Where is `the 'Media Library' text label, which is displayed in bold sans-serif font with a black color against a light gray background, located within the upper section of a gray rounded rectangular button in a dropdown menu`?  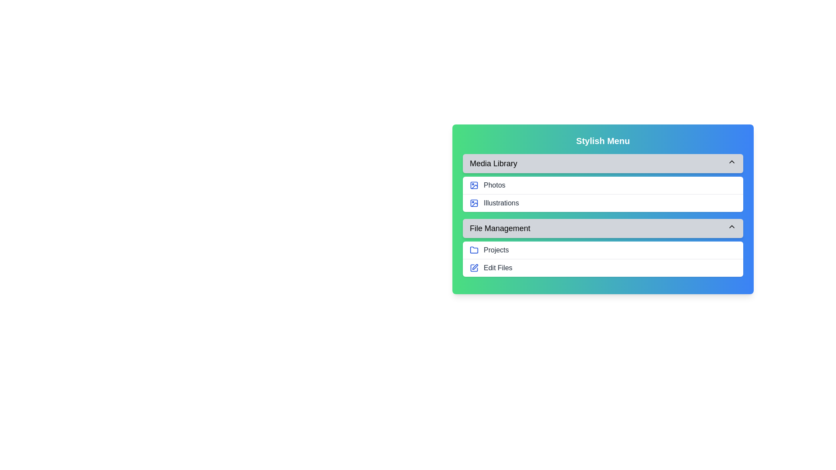 the 'Media Library' text label, which is displayed in bold sans-serif font with a black color against a light gray background, located within the upper section of a gray rounded rectangular button in a dropdown menu is located at coordinates (493, 163).